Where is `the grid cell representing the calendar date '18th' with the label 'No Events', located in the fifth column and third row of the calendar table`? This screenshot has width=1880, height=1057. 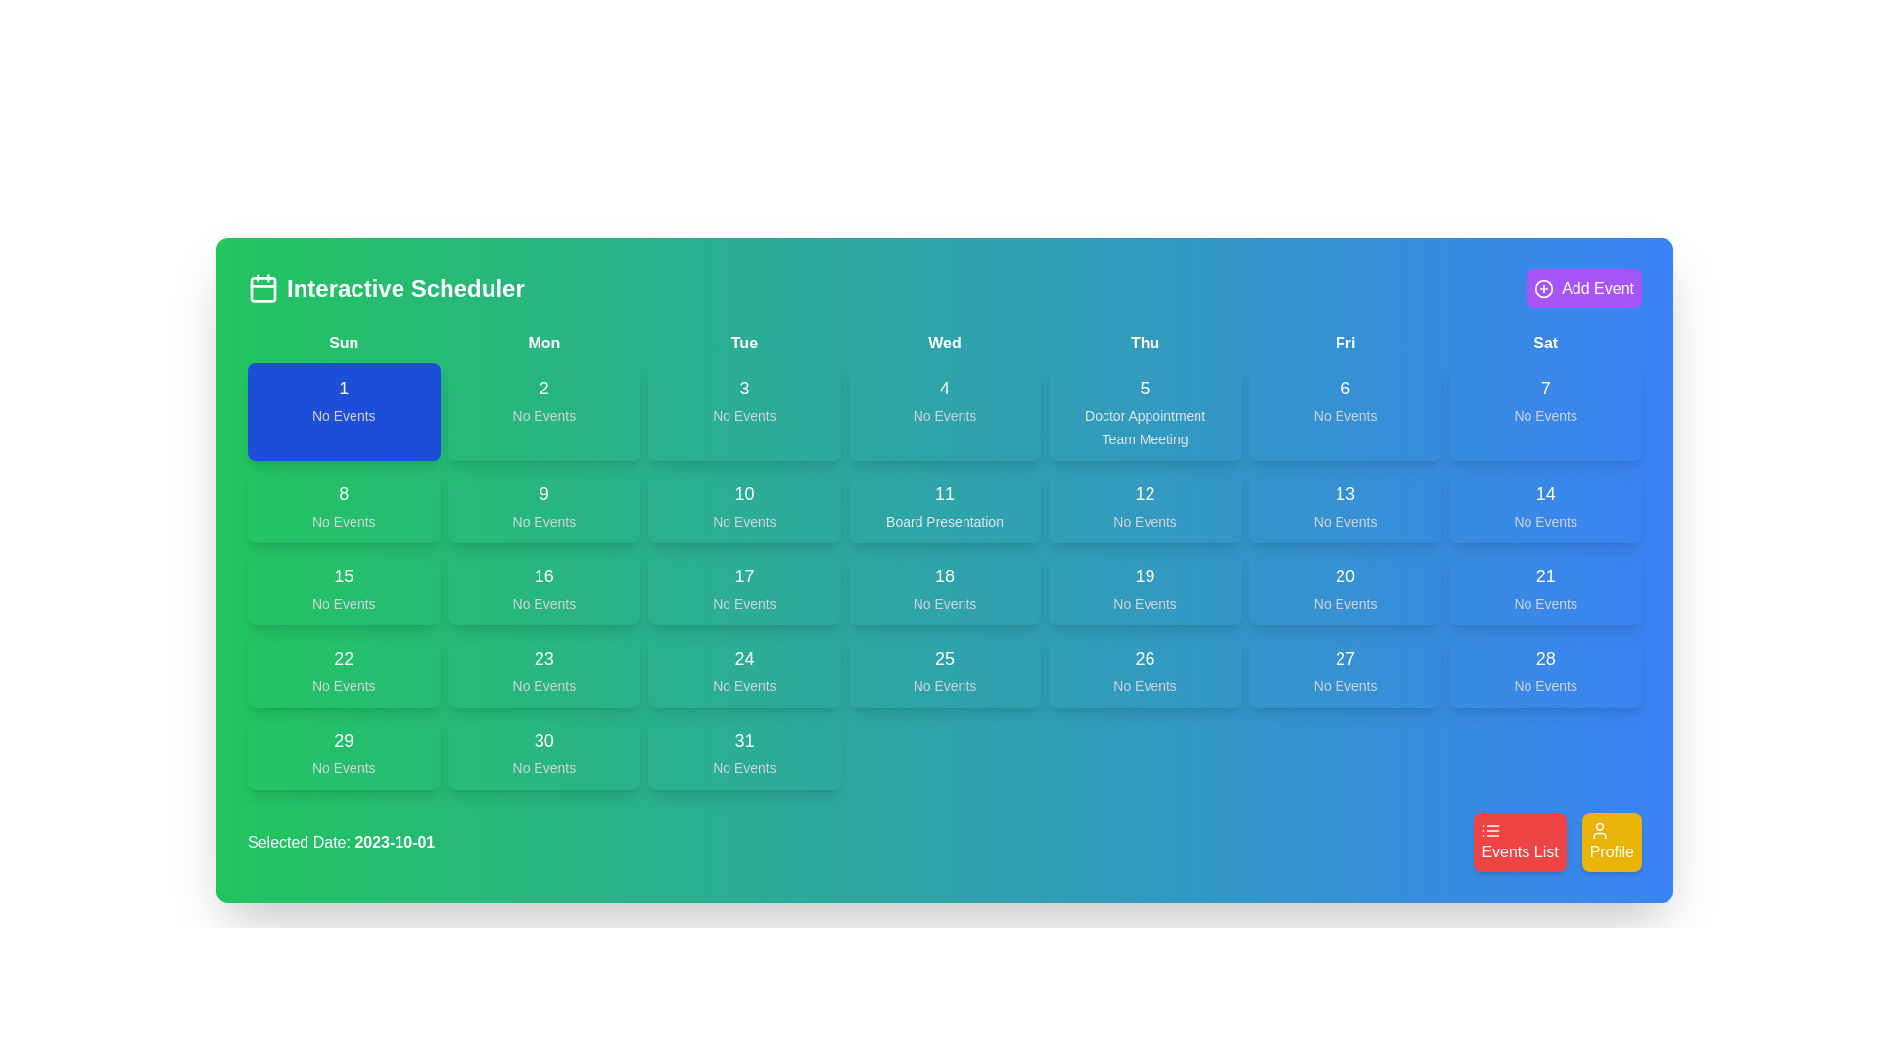
the grid cell representing the calendar date '18th' with the label 'No Events', located in the fifth column and third row of the calendar table is located at coordinates (944, 587).